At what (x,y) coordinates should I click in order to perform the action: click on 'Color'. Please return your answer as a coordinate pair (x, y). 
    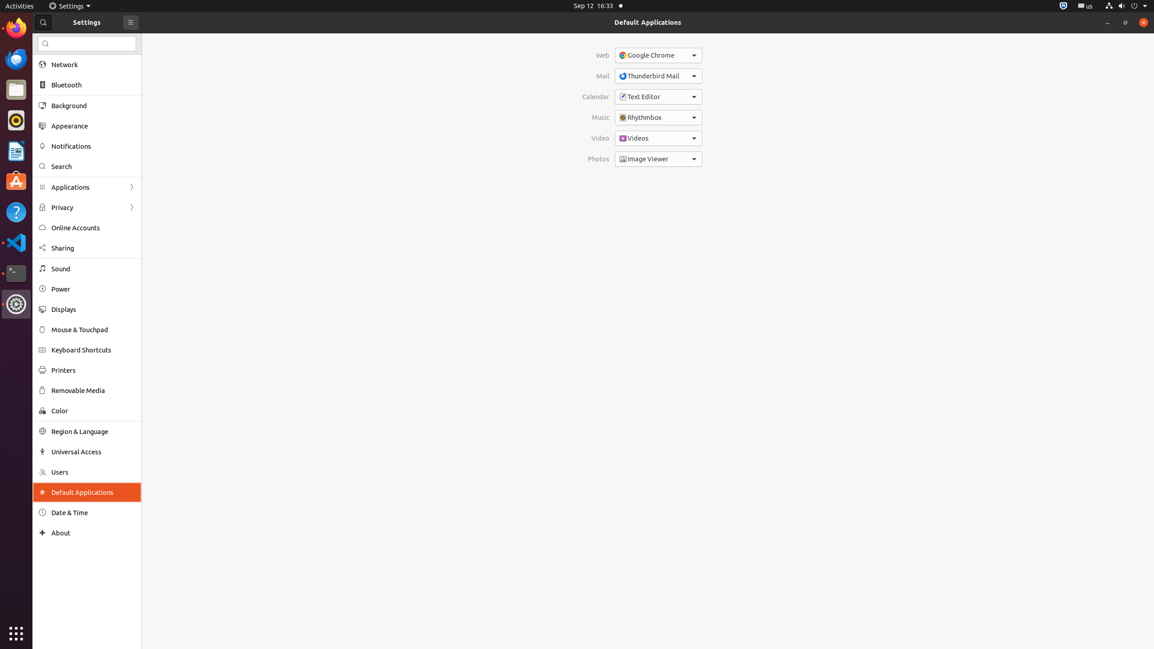
    Looking at the image, I should click on (93, 411).